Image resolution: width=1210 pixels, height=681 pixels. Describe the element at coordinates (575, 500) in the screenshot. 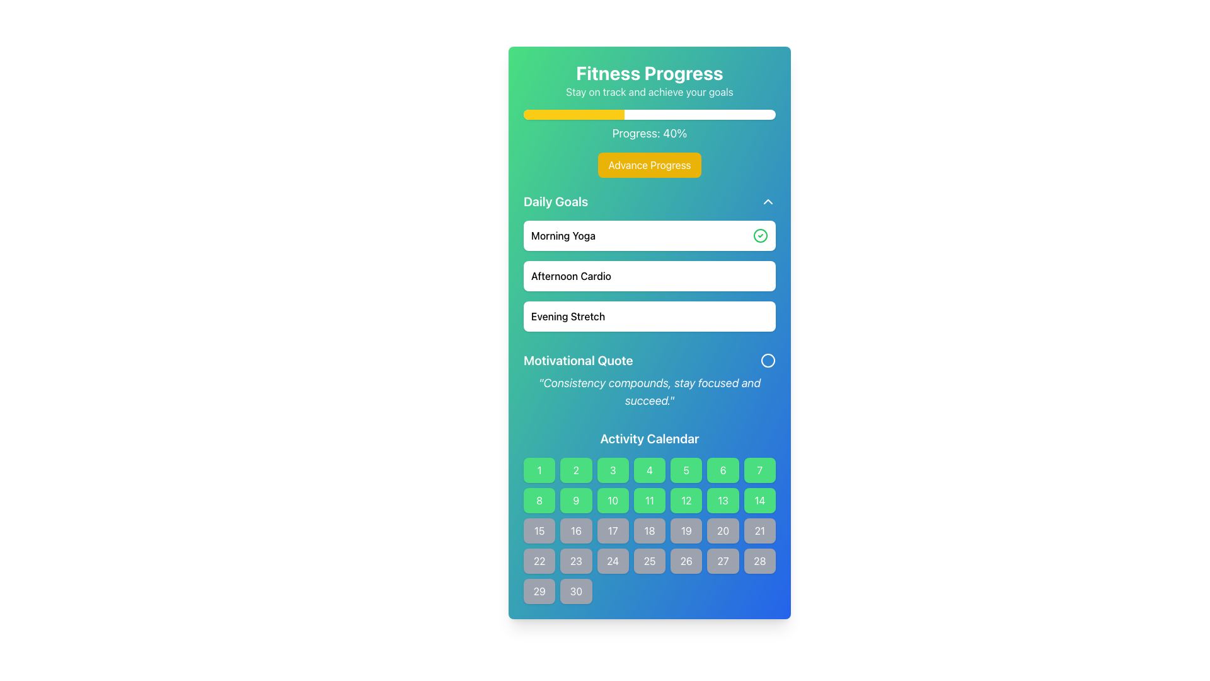

I see `the date selector button located in the second row and third column of the calendar interface` at that location.